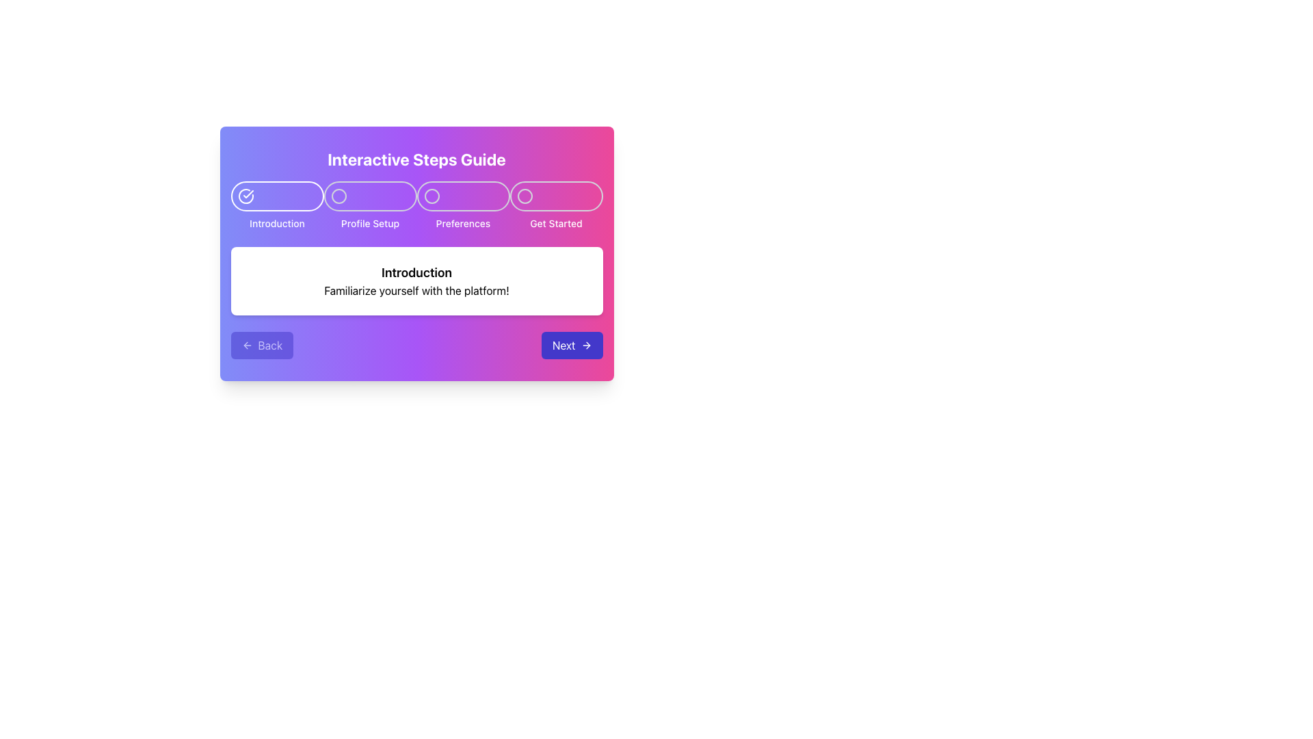 This screenshot has height=739, width=1313. Describe the element at coordinates (416, 158) in the screenshot. I see `the Text Header located at the top of the rounded box with a gradient background` at that location.